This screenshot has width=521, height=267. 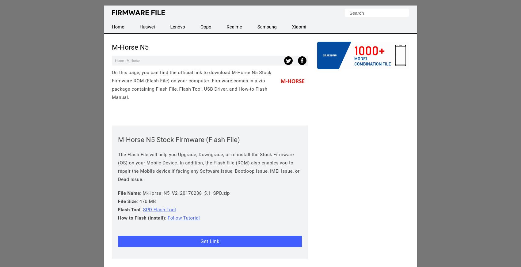 What do you see at coordinates (183, 217) in the screenshot?
I see `'Follow Tutorial'` at bounding box center [183, 217].